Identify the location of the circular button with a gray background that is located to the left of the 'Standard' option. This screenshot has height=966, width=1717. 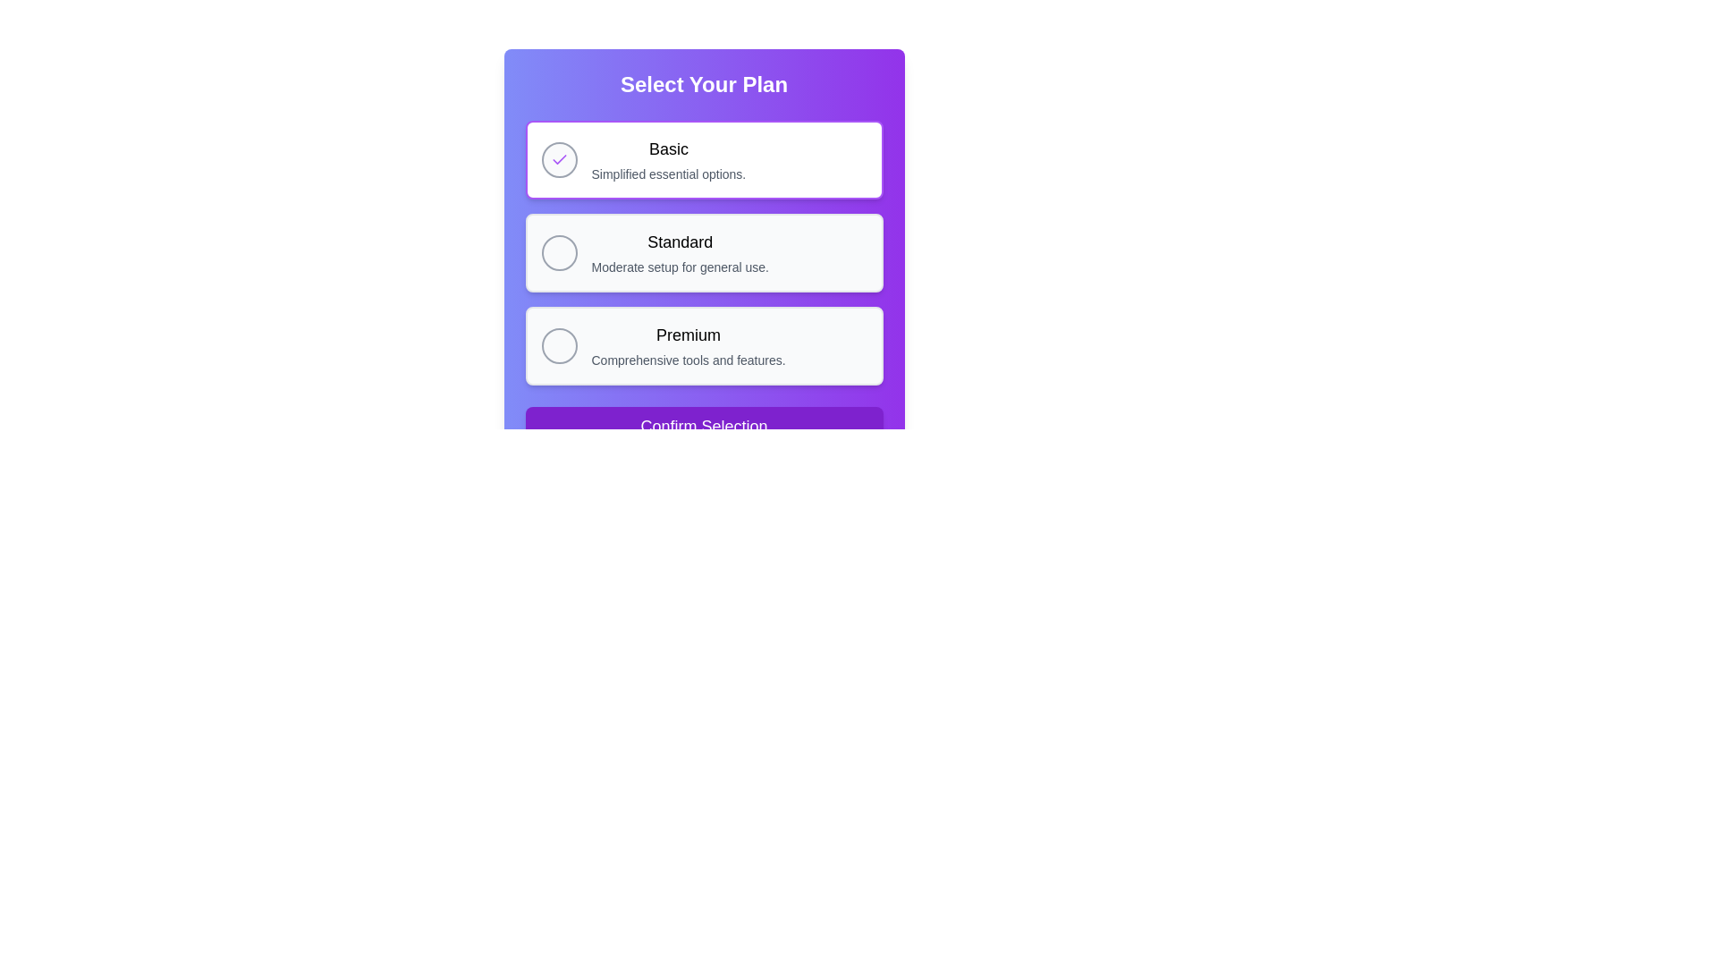
(558, 252).